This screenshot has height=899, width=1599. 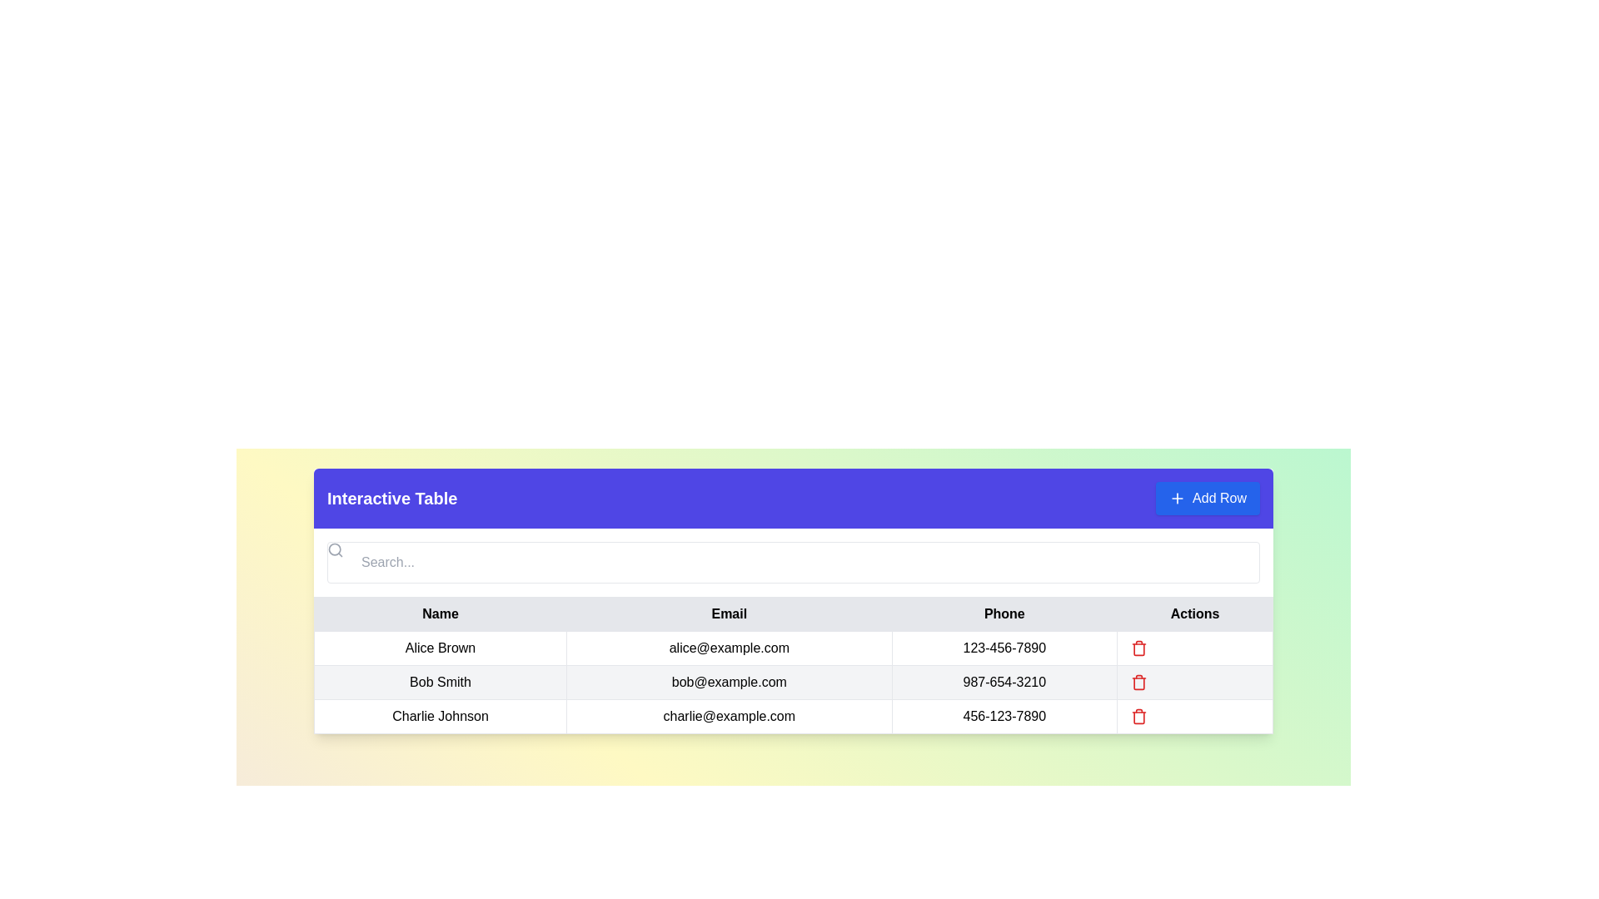 I want to click on the blue circular icon with a white plus sign at its center, which is part of the 'Add Row' button located in the top-right corner of the interface, so click(x=1177, y=497).